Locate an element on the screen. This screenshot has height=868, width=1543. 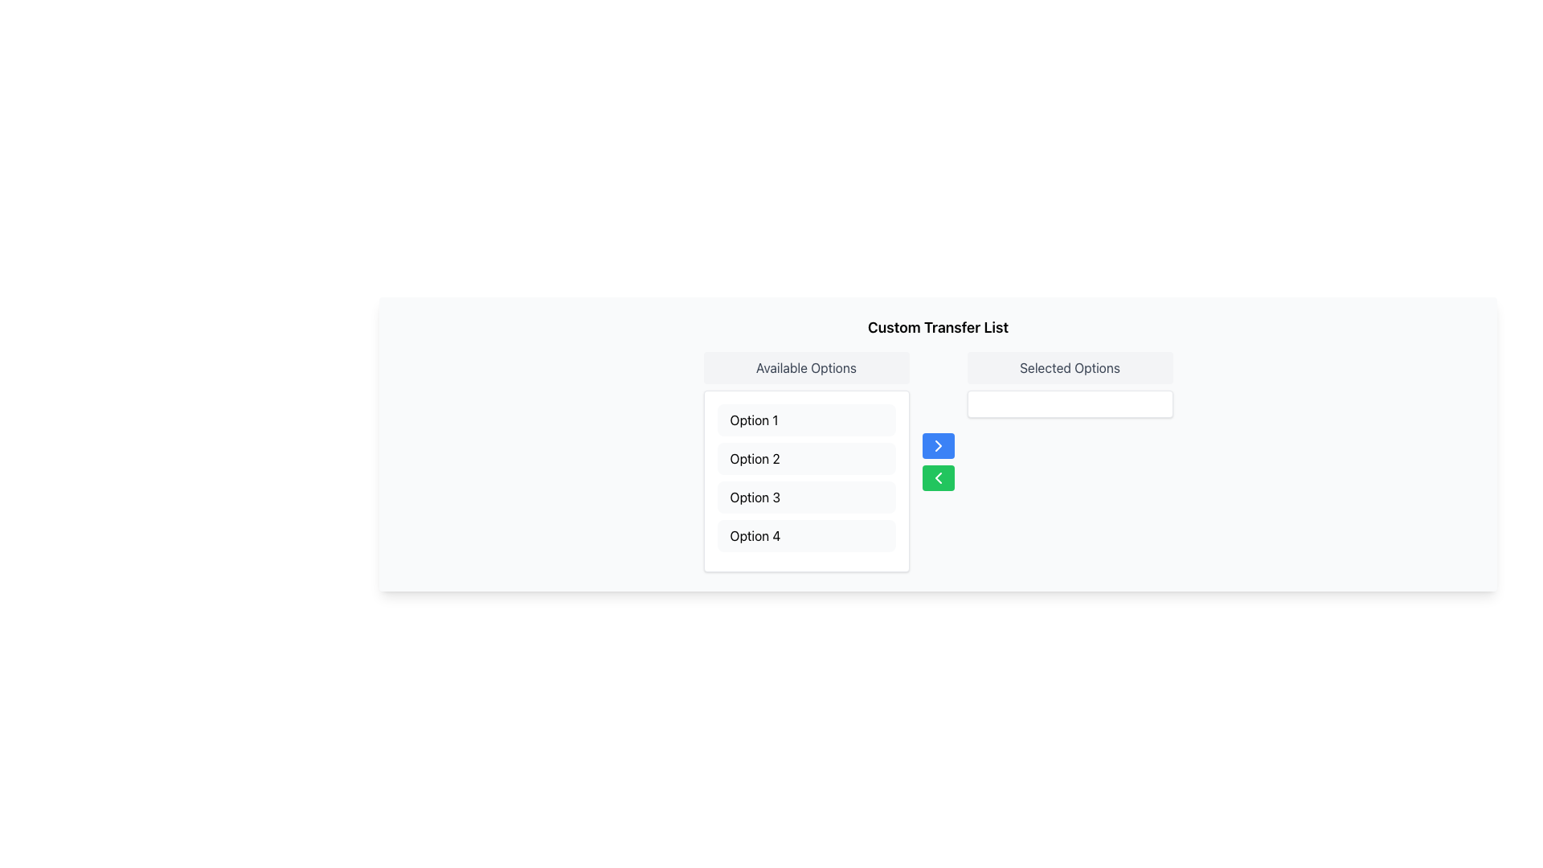
the left-pointing chevron icon button to move selected items back to the 'Available Options' list is located at coordinates (938, 477).